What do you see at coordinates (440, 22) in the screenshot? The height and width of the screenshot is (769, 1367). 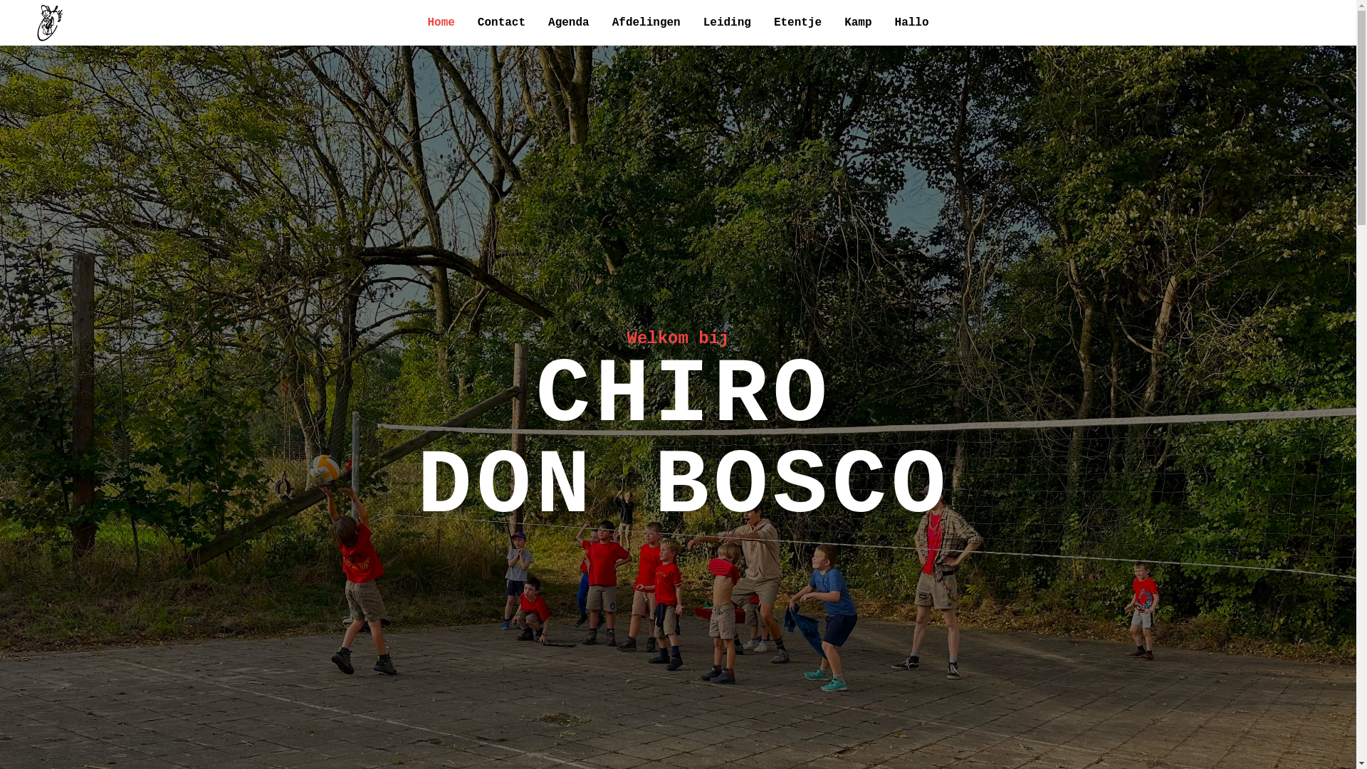 I see `'Home'` at bounding box center [440, 22].